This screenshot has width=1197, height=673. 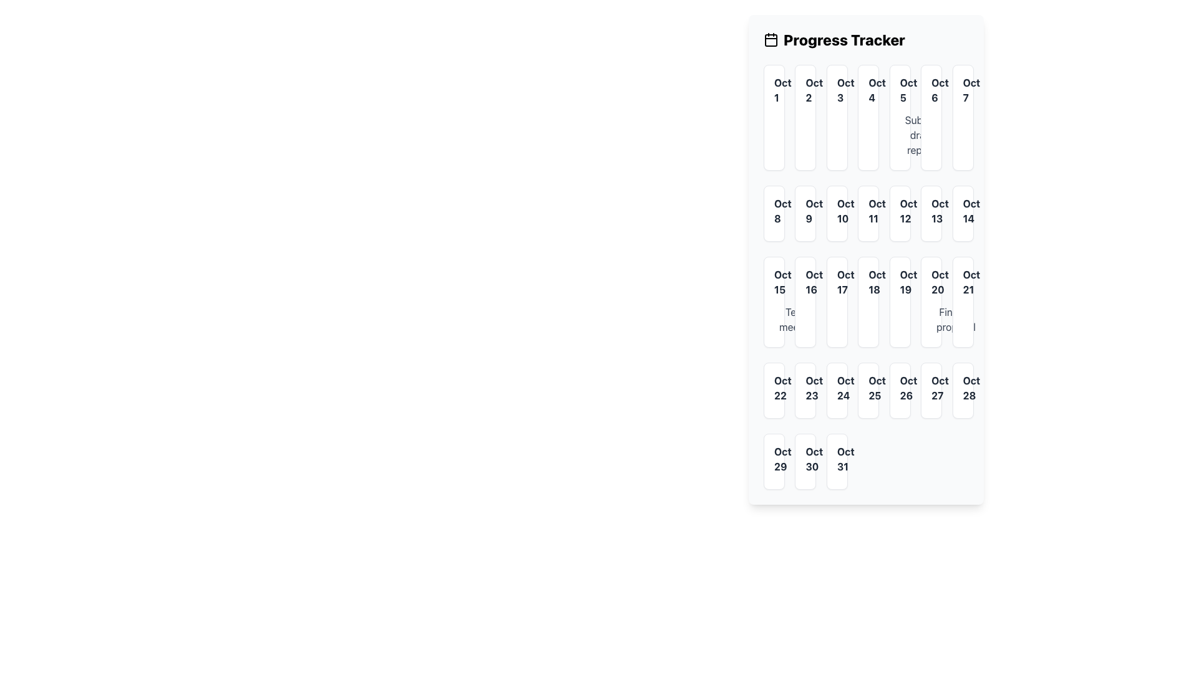 I want to click on the Date cell displaying 'Oct 9' in the calendar grid layout, so click(x=805, y=213).